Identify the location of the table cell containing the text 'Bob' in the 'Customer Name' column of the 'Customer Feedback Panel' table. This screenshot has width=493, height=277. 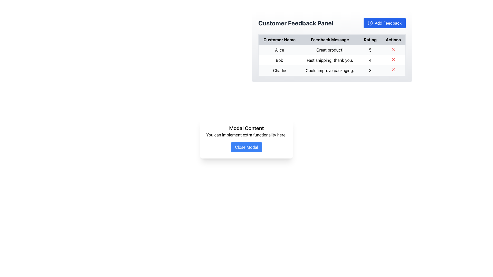
(279, 60).